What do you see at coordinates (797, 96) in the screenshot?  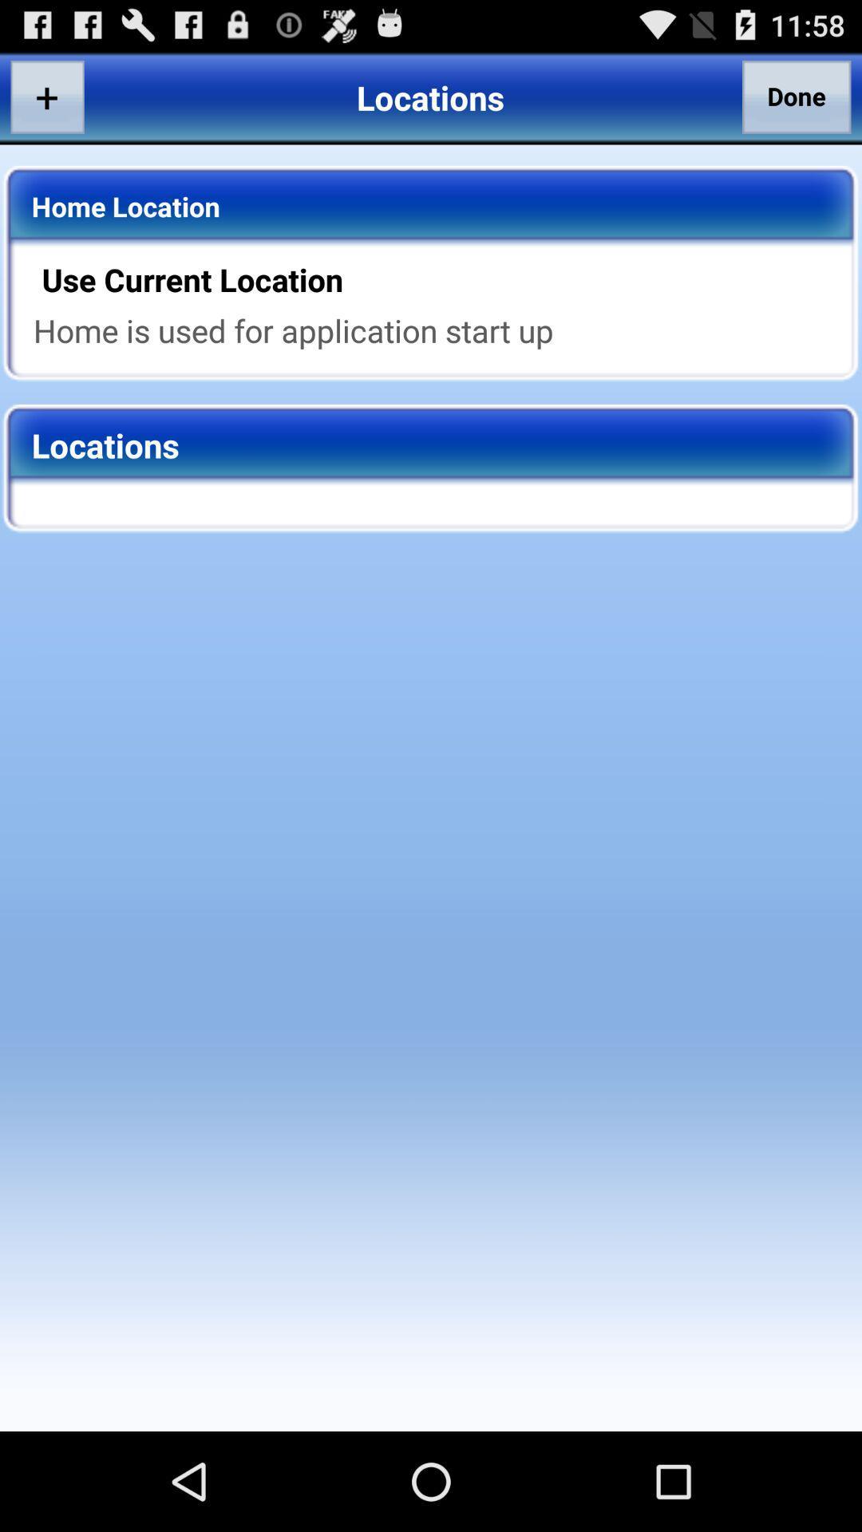 I see `the icon at the top right corner` at bounding box center [797, 96].